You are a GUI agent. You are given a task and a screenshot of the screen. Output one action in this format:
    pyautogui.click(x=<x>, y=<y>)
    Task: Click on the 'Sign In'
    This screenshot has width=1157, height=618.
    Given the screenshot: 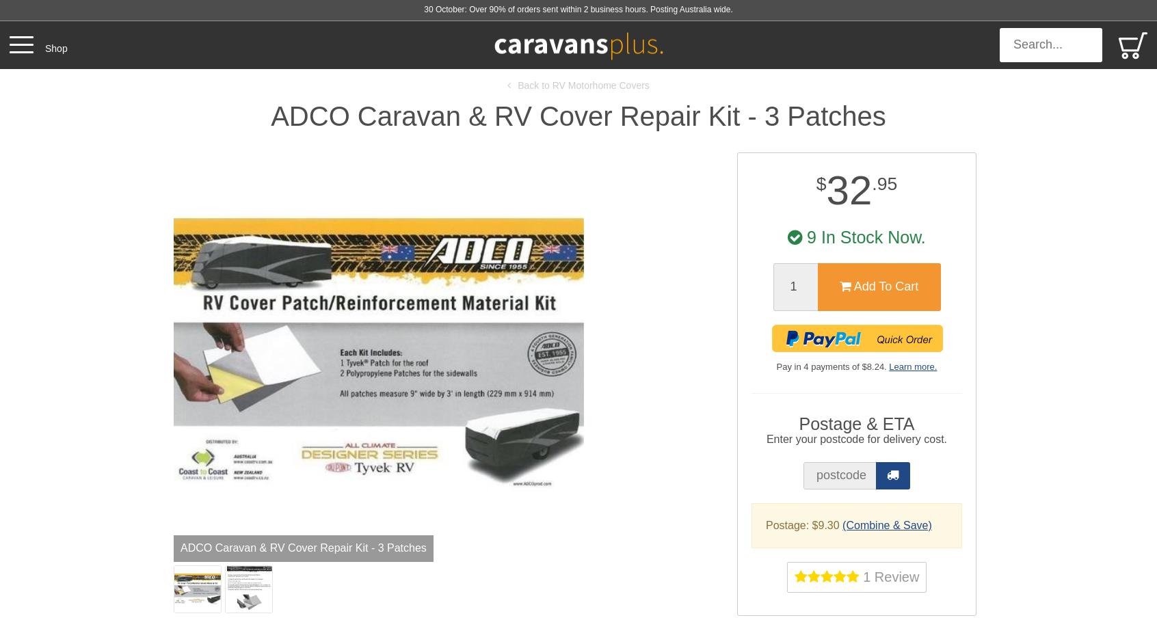 What is the action you would take?
    pyautogui.click(x=1075, y=121)
    